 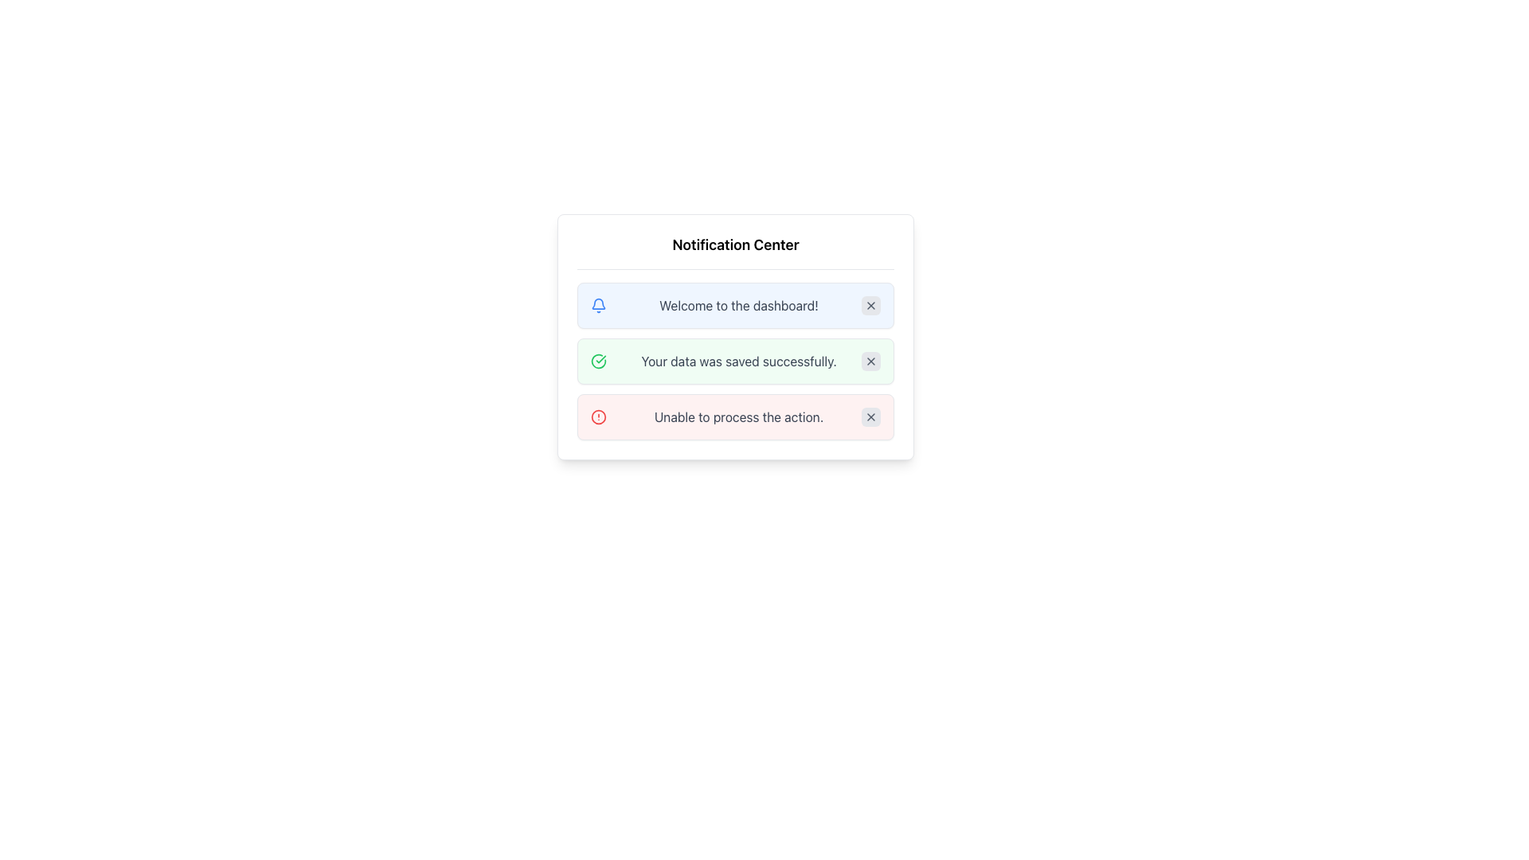 What do you see at coordinates (735, 362) in the screenshot?
I see `message displayed in the informational notification with a light green background that says 'Your data was saved successfully.'` at bounding box center [735, 362].